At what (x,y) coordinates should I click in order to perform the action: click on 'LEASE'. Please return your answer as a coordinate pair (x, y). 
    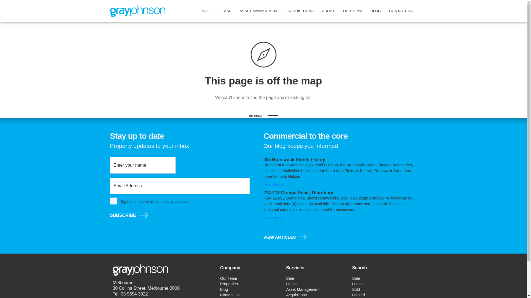
    Looking at the image, I should click on (225, 11).